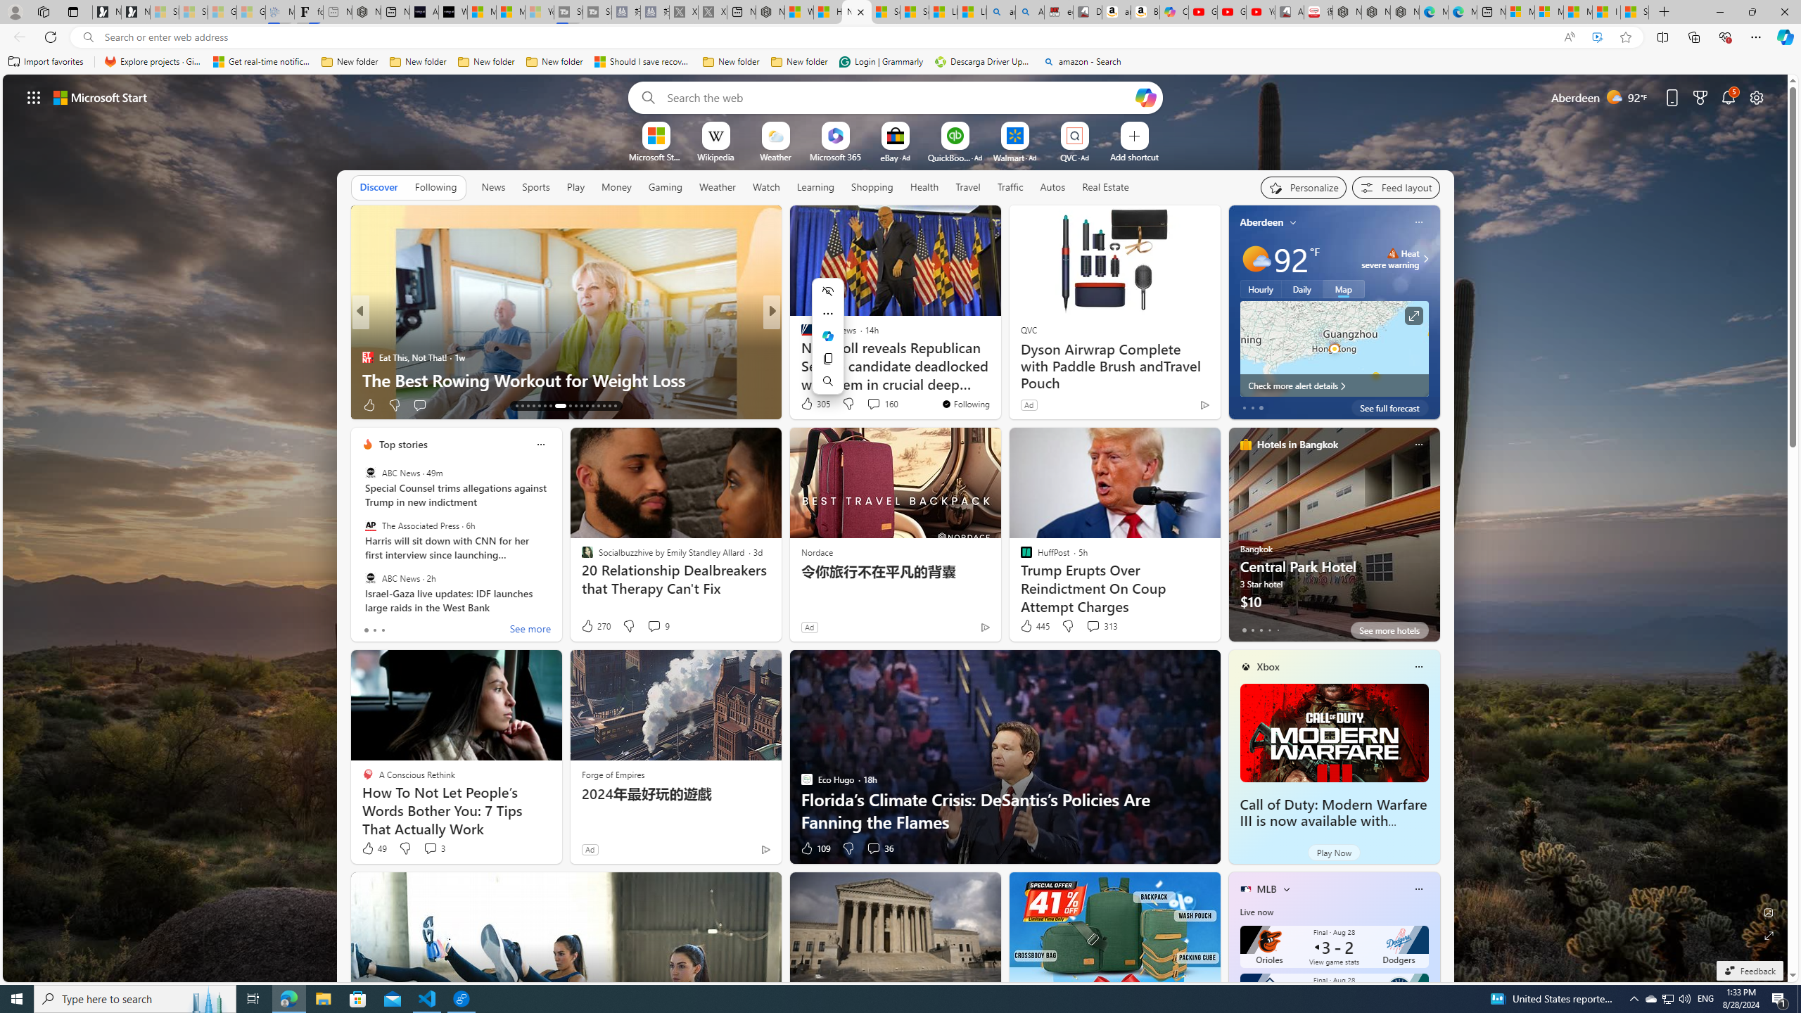  I want to click on 'Personalize your feed"', so click(1303, 188).